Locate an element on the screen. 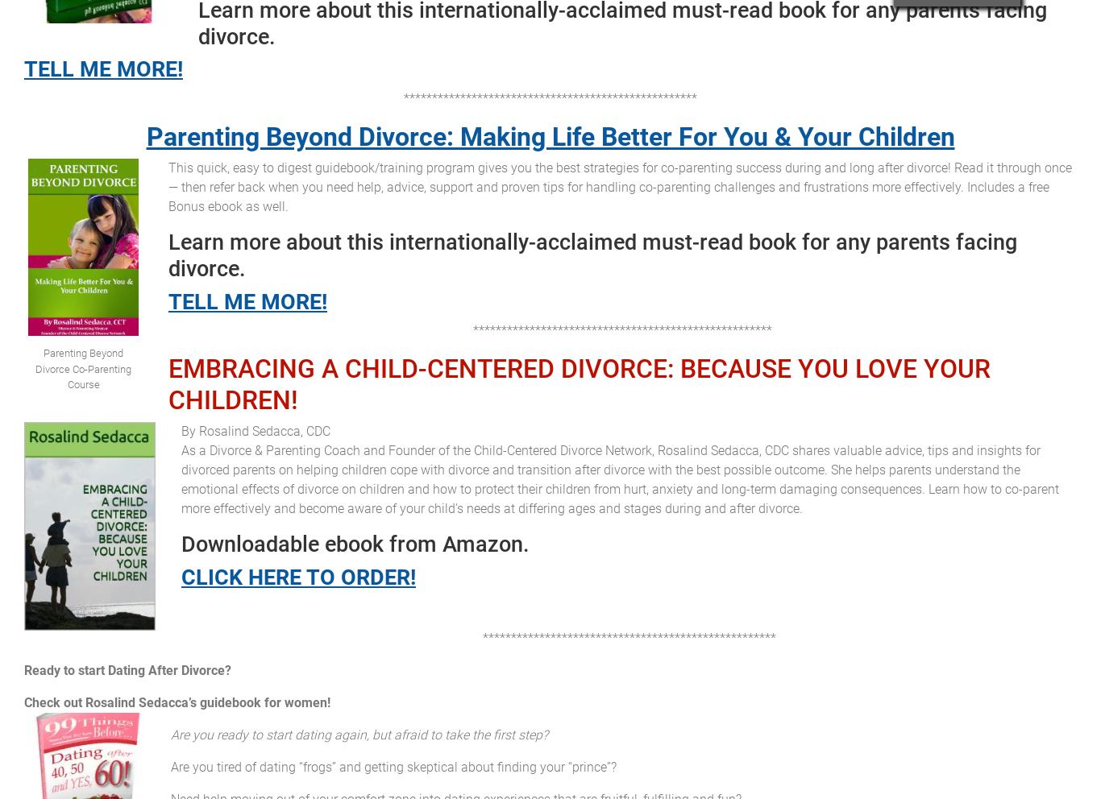 Image resolution: width=1101 pixels, height=799 pixels. 'Parenting Beyond Divorce Co-Parenting Course' is located at coordinates (83, 368).